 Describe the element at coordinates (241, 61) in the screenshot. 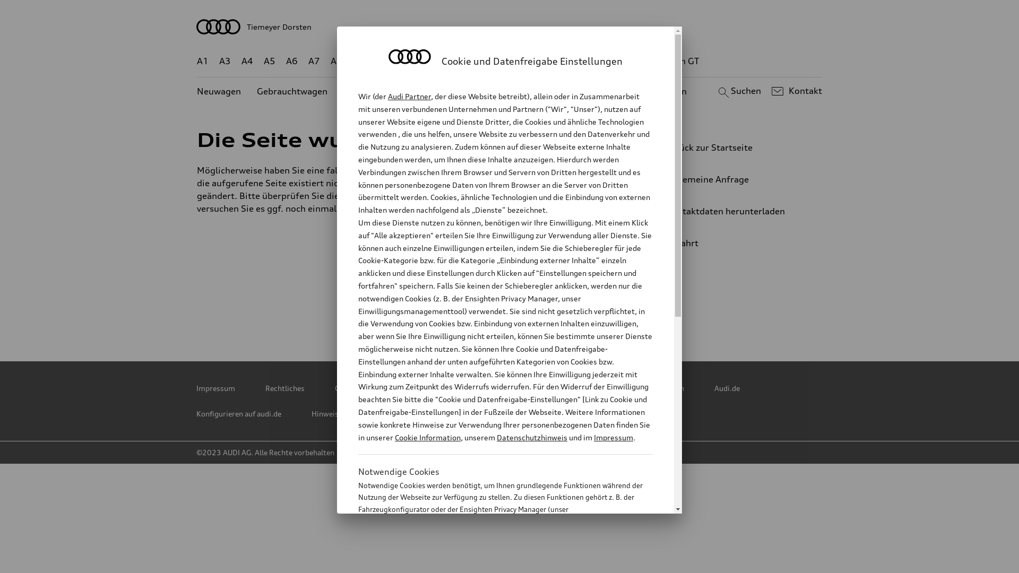

I see `'A4'` at that location.